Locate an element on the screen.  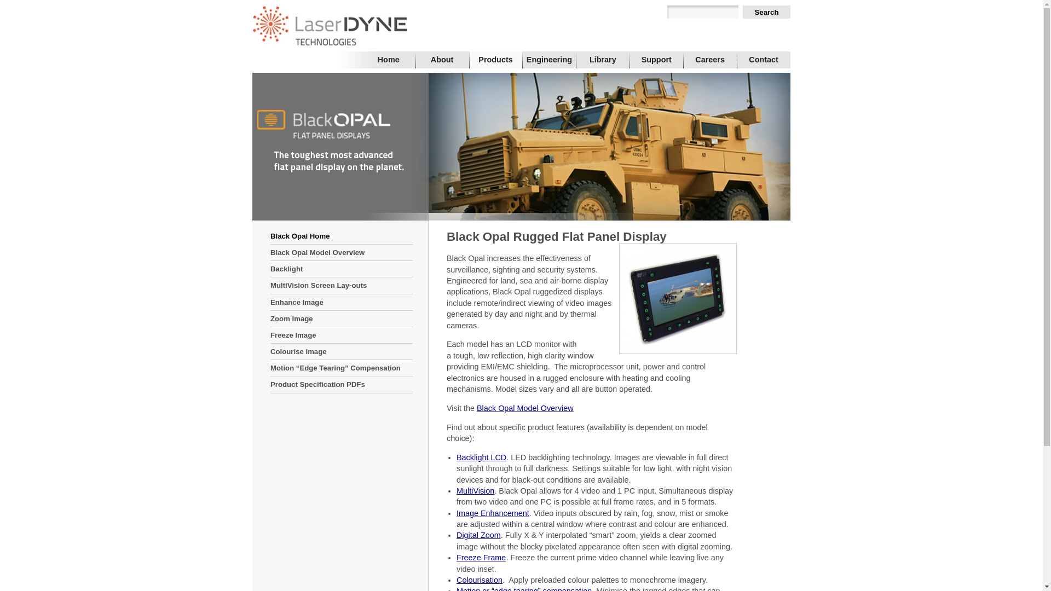
'Black Opal Model Overview' is located at coordinates (341, 253).